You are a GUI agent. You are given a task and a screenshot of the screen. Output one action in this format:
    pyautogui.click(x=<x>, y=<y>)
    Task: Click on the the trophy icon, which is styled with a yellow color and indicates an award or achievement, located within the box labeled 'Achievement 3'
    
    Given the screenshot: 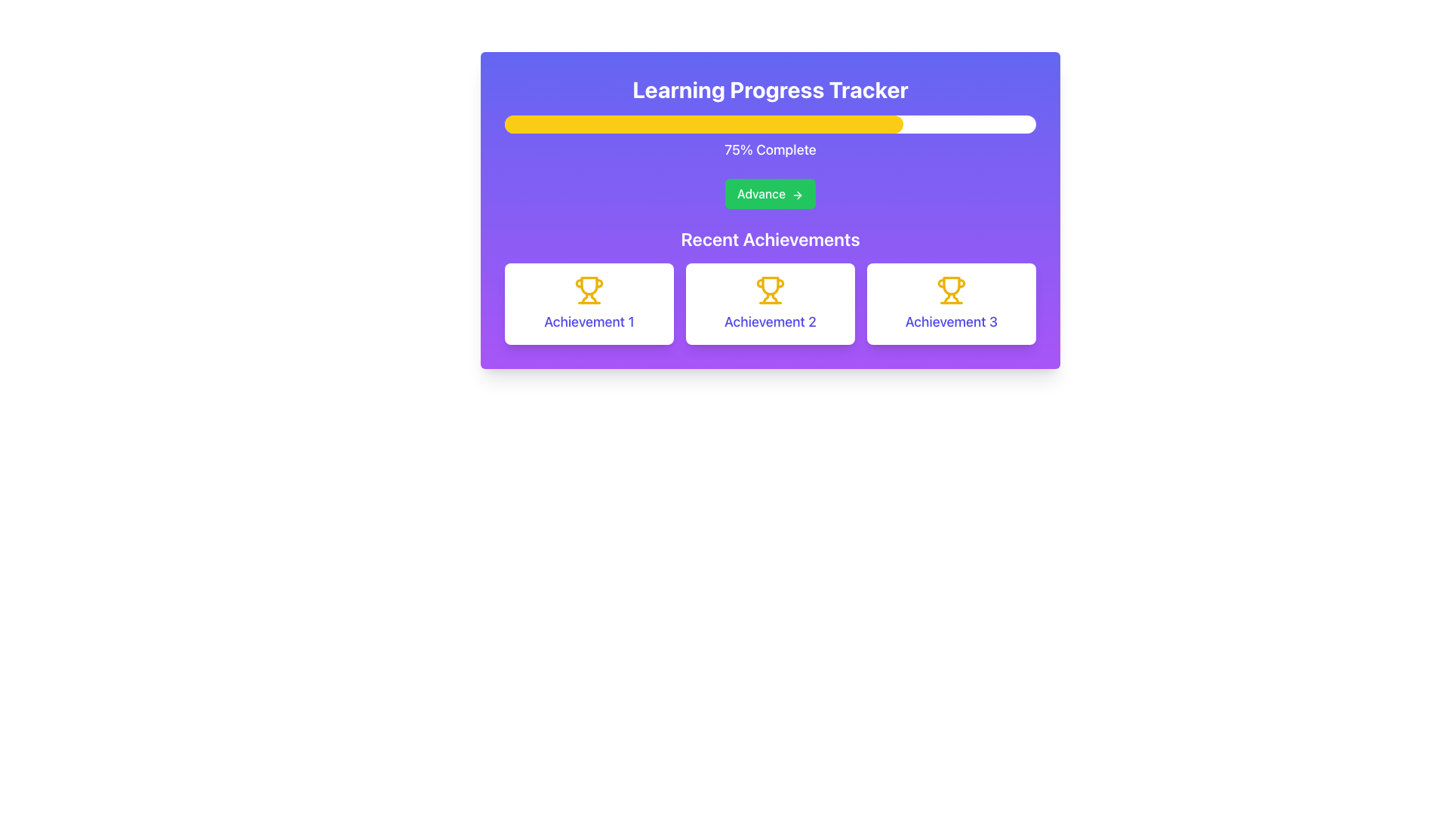 What is the action you would take?
    pyautogui.click(x=951, y=291)
    